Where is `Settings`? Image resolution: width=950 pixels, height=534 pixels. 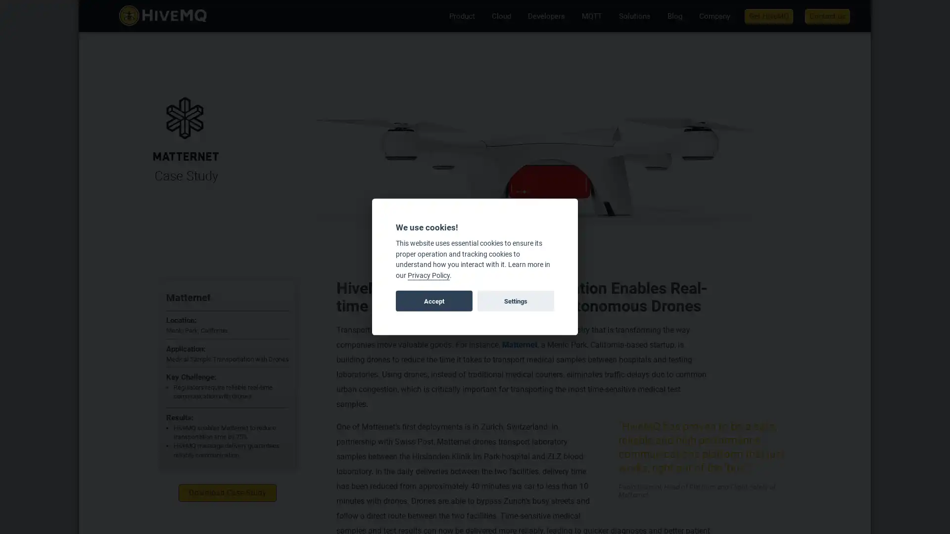
Settings is located at coordinates (515, 301).